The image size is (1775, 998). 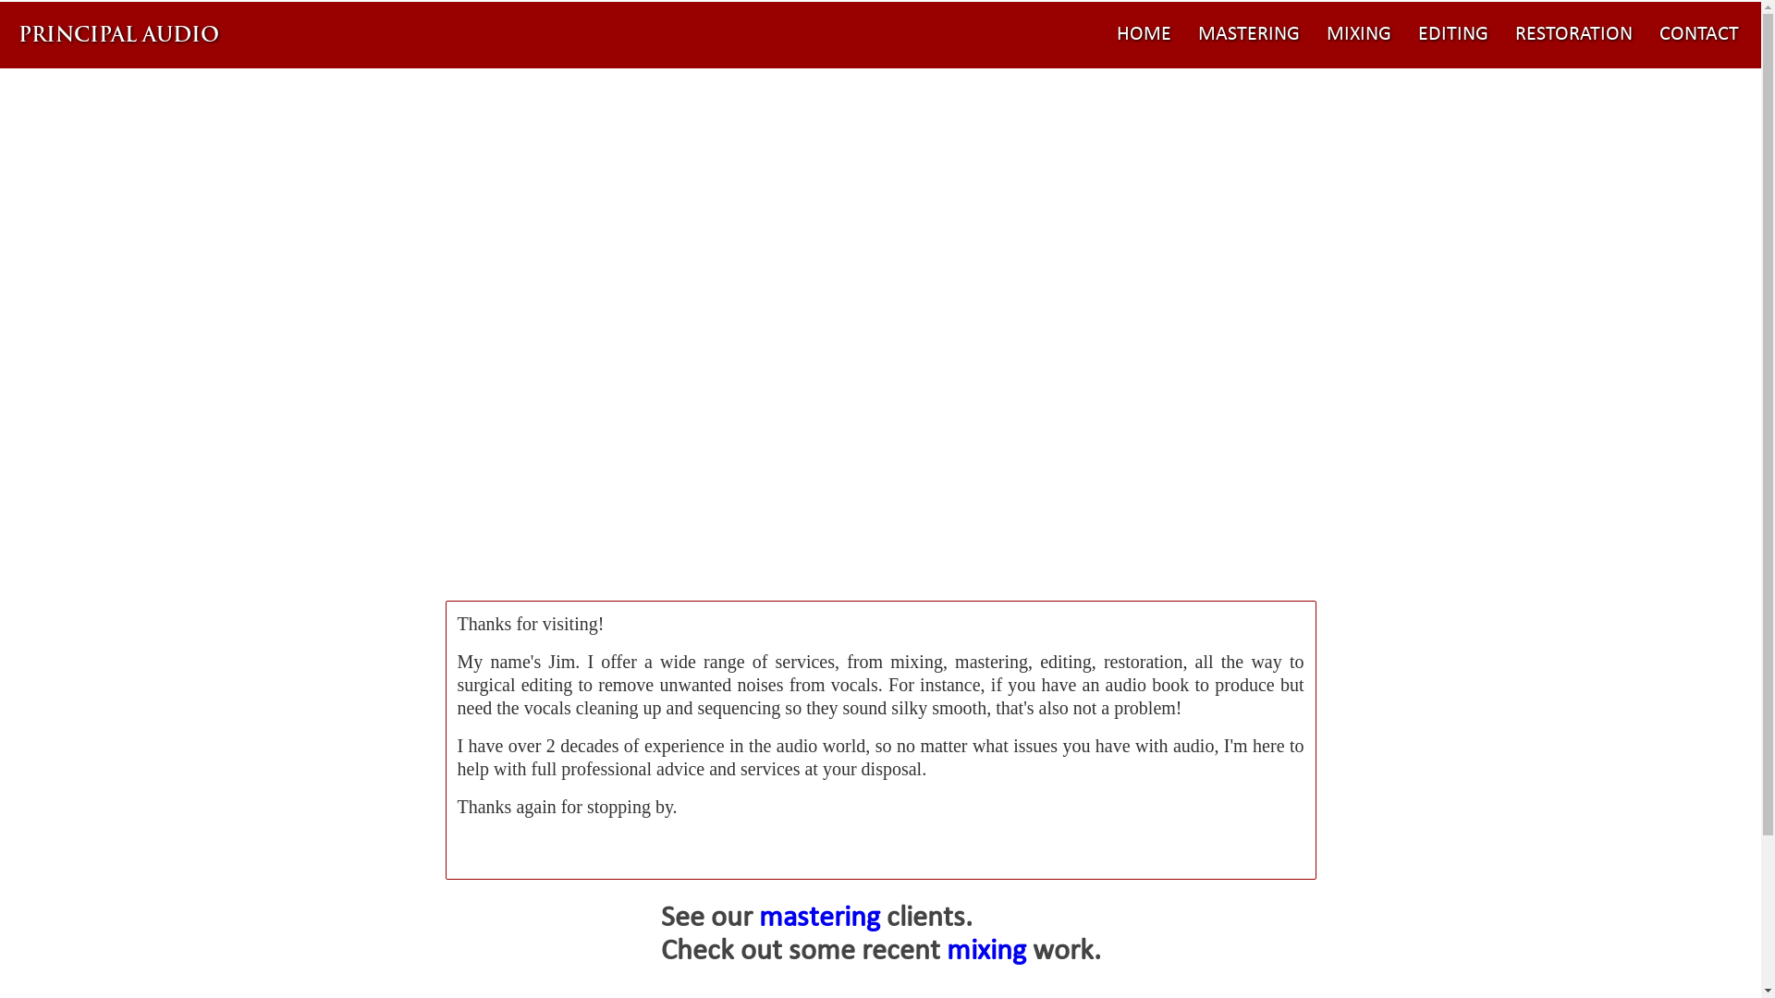 What do you see at coordinates (1358, 34) in the screenshot?
I see `'MIXING'` at bounding box center [1358, 34].